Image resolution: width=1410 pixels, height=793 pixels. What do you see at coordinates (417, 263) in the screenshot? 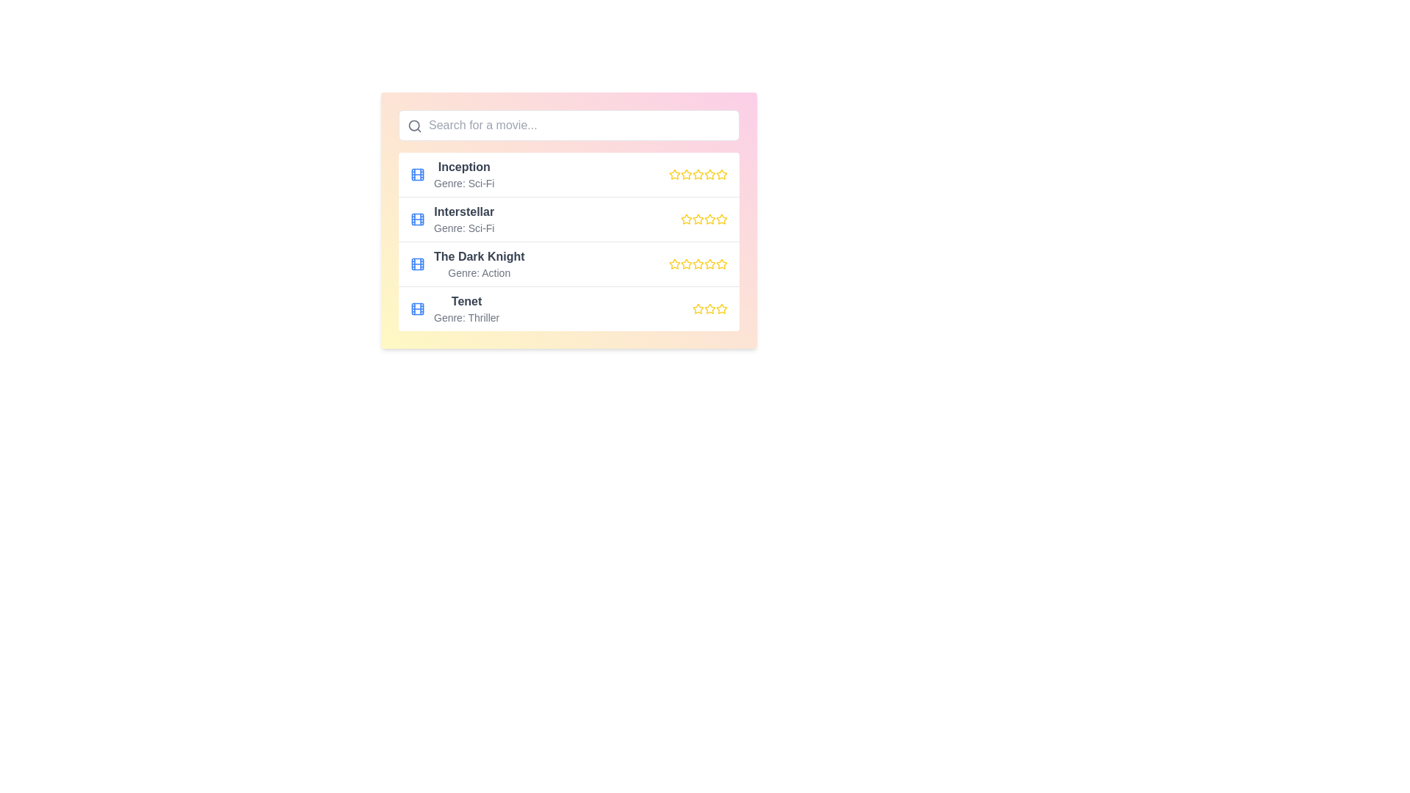
I see `the blue film icon located to the left of the title 'The Dark Knight' within its card structure` at bounding box center [417, 263].